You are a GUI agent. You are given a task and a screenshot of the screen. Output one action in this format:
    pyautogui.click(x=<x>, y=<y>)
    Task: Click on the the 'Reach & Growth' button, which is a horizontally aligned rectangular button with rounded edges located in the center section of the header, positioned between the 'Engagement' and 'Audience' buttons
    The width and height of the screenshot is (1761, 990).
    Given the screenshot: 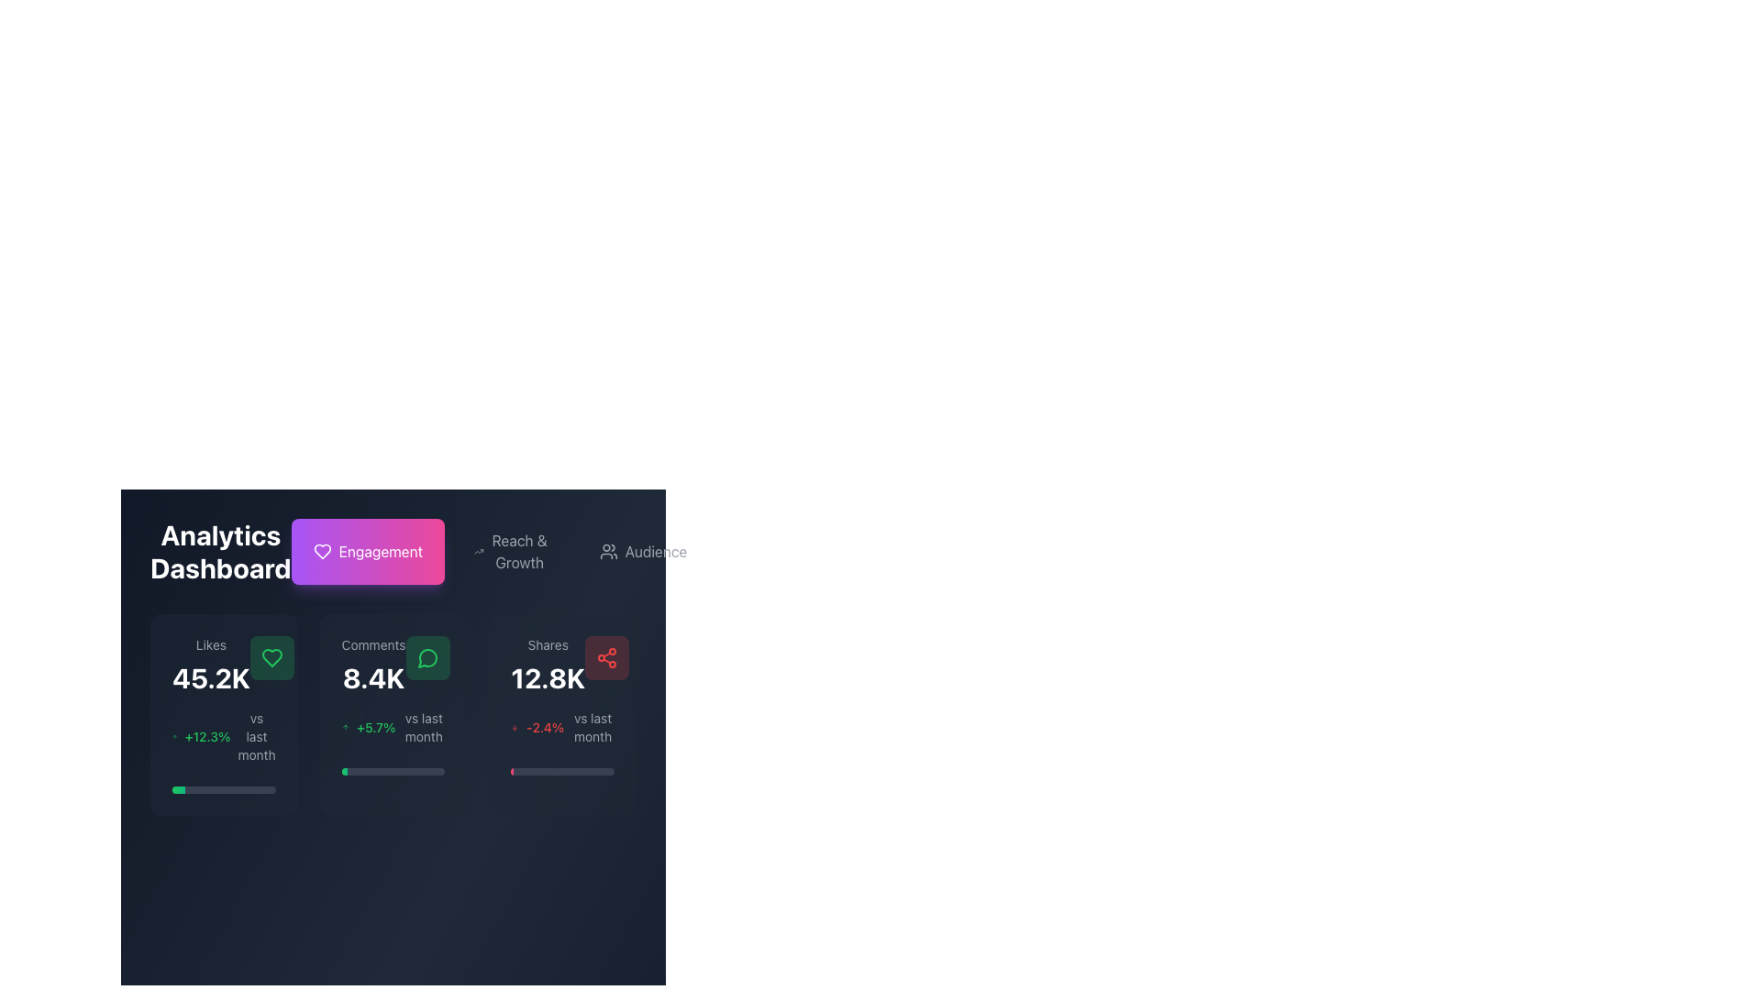 What is the action you would take?
    pyautogui.click(x=511, y=550)
    